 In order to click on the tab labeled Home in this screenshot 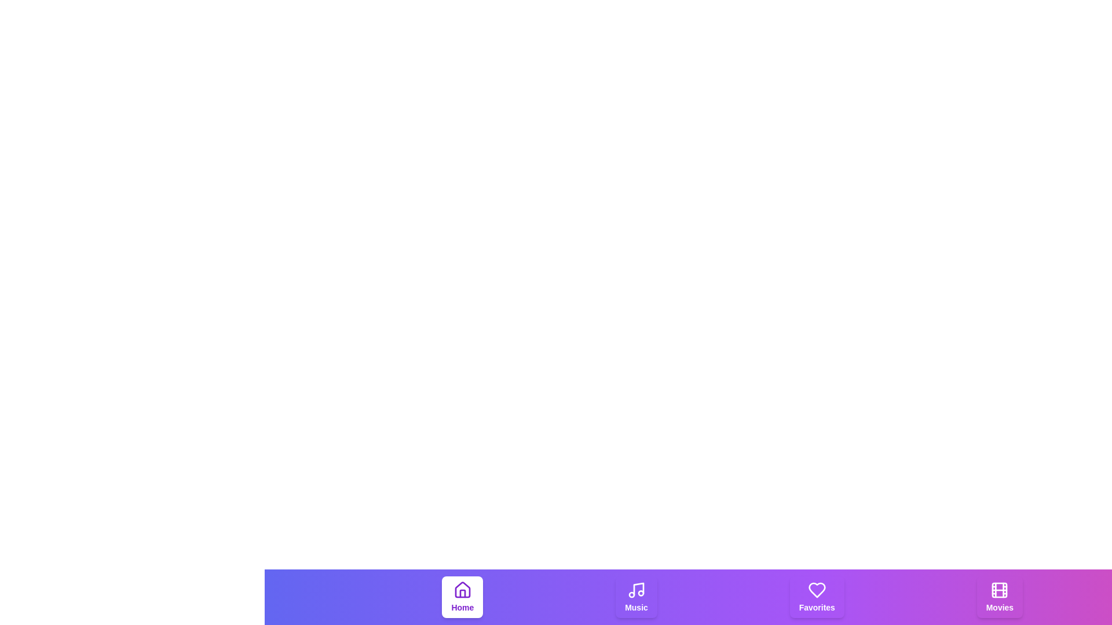, I will do `click(462, 597)`.